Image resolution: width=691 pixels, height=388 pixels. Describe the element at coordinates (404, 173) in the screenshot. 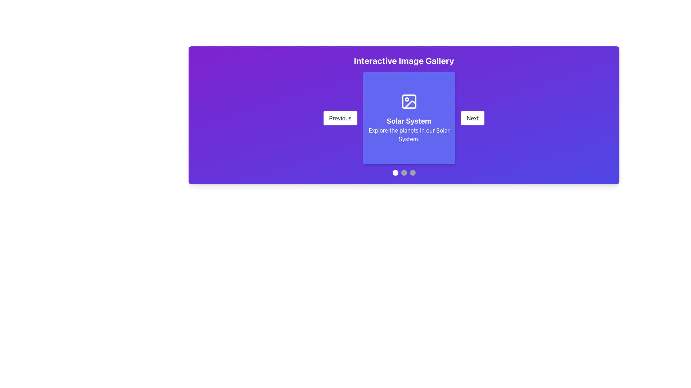

I see `the currently selected circular indicator of the Pagination Indicator` at that location.